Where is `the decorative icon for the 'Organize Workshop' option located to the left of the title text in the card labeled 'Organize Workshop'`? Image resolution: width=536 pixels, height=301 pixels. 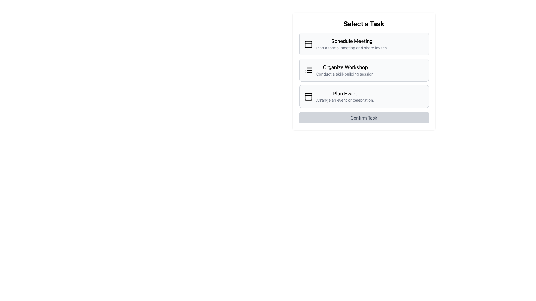 the decorative icon for the 'Organize Workshop' option located to the left of the title text in the card labeled 'Organize Workshop' is located at coordinates (308, 70).